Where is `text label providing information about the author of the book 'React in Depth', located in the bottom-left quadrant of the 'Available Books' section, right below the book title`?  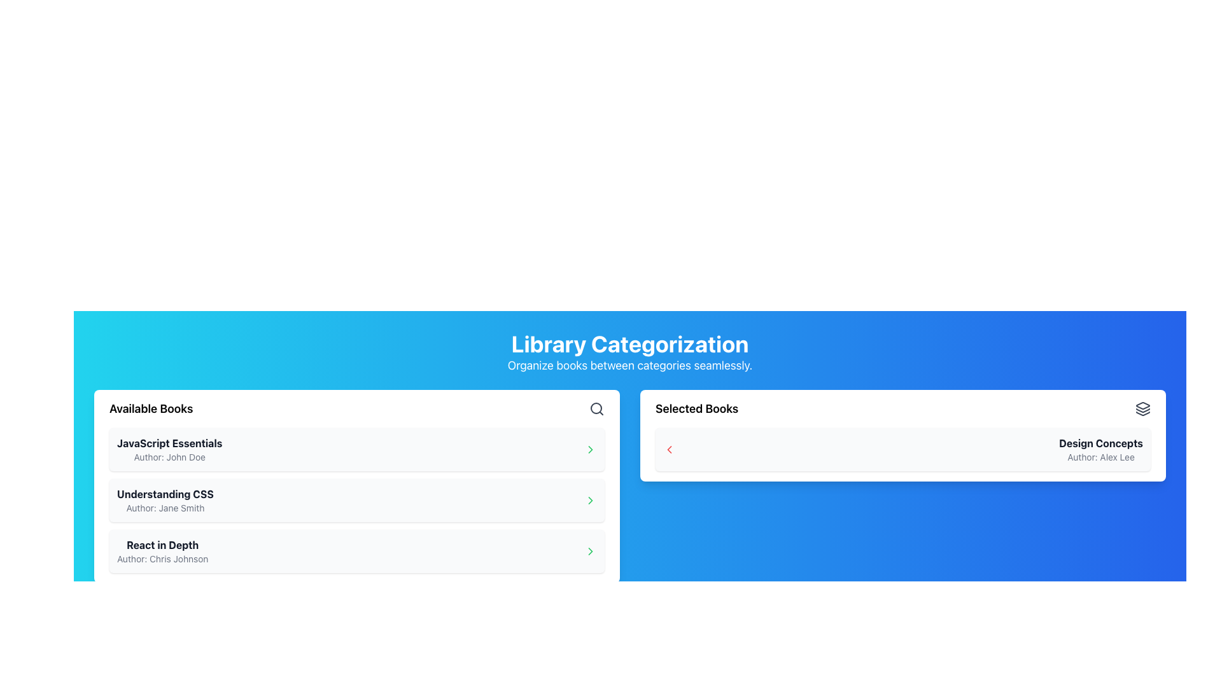
text label providing information about the author of the book 'React in Depth', located in the bottom-left quadrant of the 'Available Books' section, right below the book title is located at coordinates (162, 559).